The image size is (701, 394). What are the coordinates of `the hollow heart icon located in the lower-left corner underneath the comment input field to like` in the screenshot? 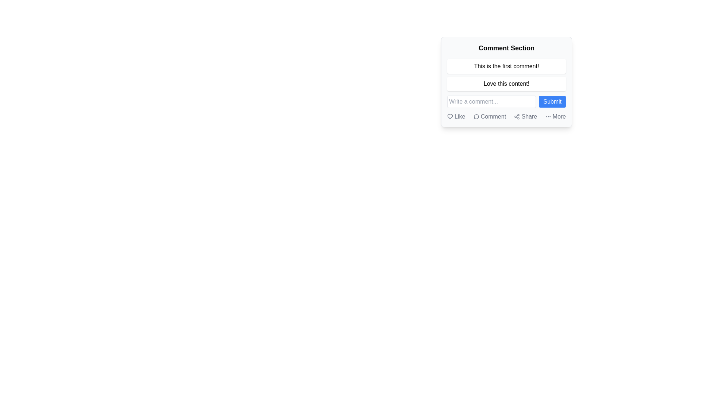 It's located at (450, 116).